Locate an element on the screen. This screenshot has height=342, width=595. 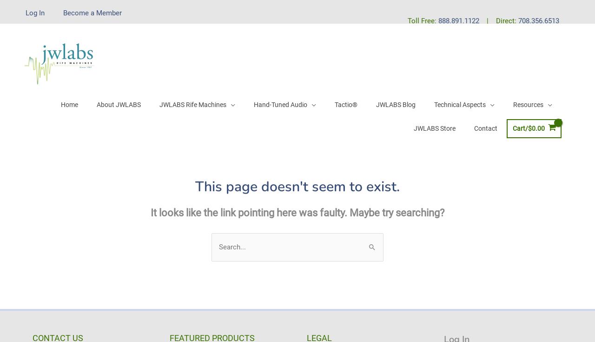
'Technical Aspects' is located at coordinates (433, 104).